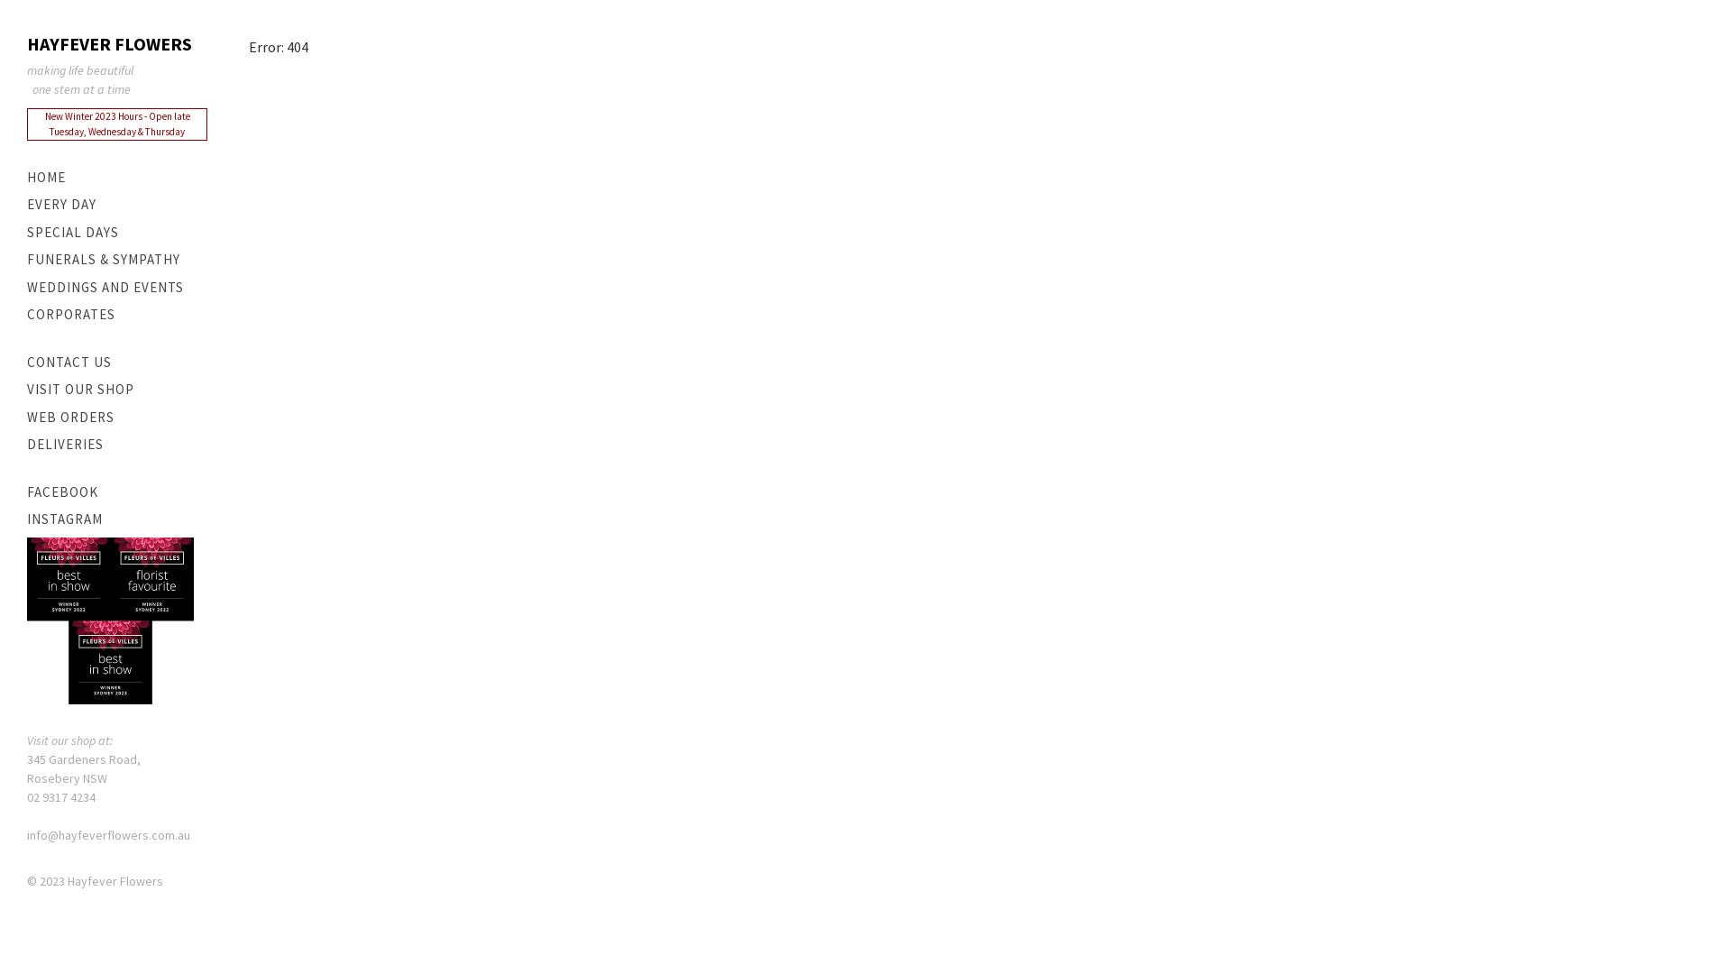 The height and width of the screenshot is (974, 1731). What do you see at coordinates (26, 43) in the screenshot?
I see `'HAYFEVER FLOWERS'` at bounding box center [26, 43].